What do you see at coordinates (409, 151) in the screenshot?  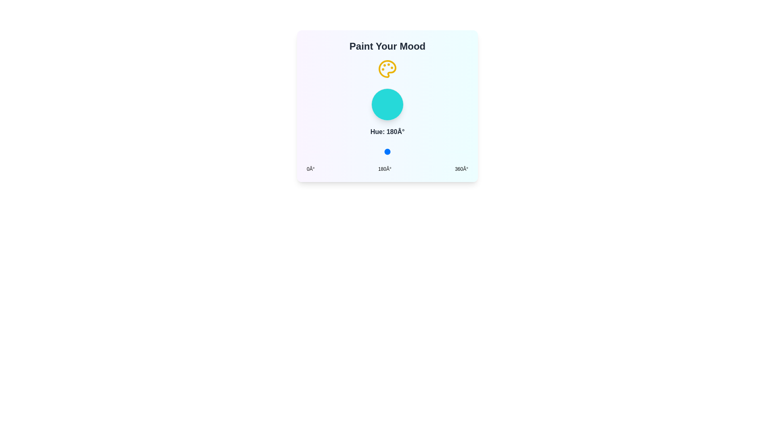 I see `the hue slider to set the hue to 228 degrees` at bounding box center [409, 151].